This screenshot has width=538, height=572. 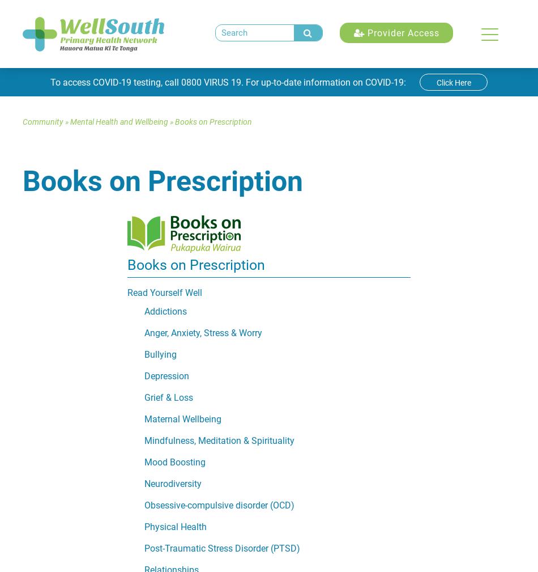 I want to click on 'To access COVID-19 testing, call 0800 VIRUS 19. For up-to-date information on COVID-19:', so click(x=228, y=82).